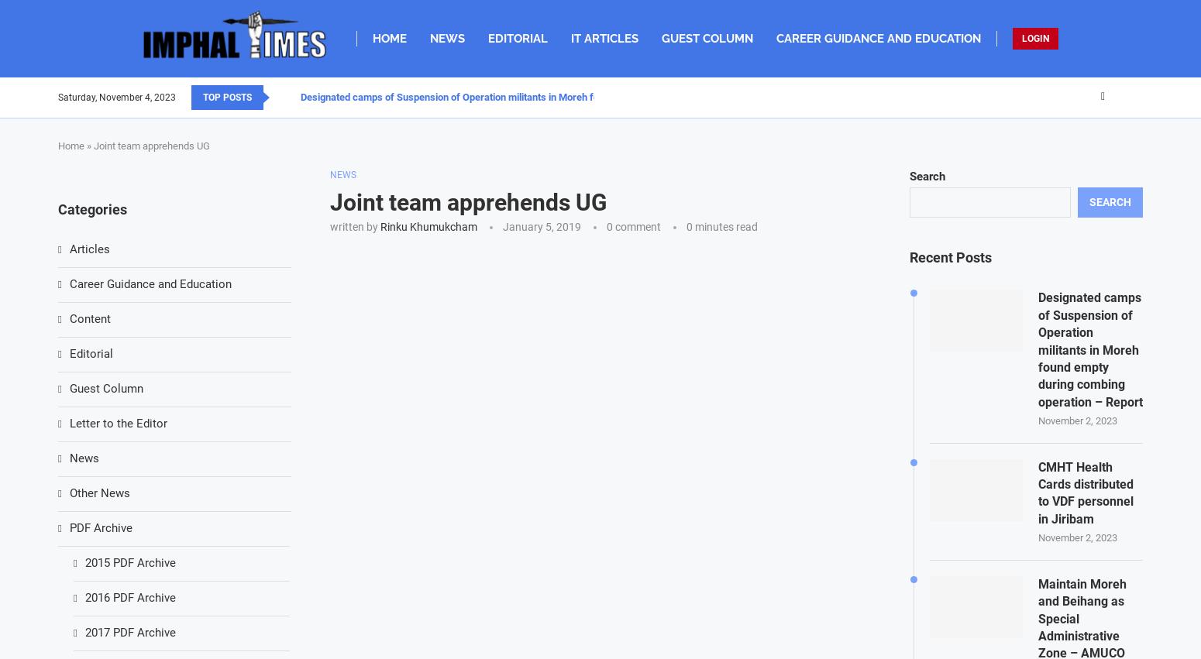 This screenshot has width=1201, height=659. Describe the element at coordinates (1034, 38) in the screenshot. I see `'LOGIN'` at that location.